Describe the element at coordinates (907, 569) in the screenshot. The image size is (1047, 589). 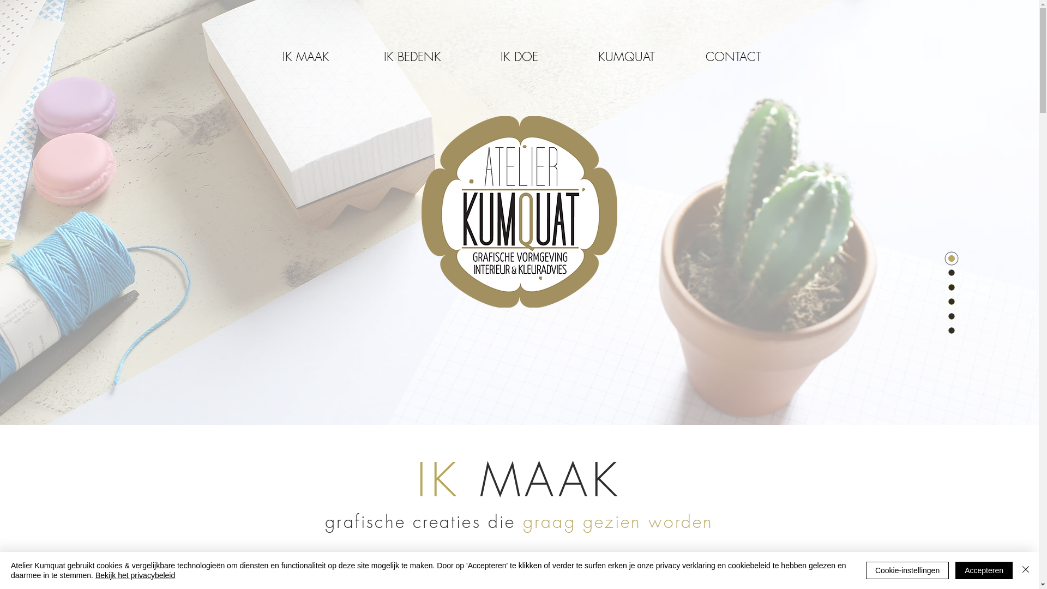
I see `'Cookie-instellingen'` at that location.